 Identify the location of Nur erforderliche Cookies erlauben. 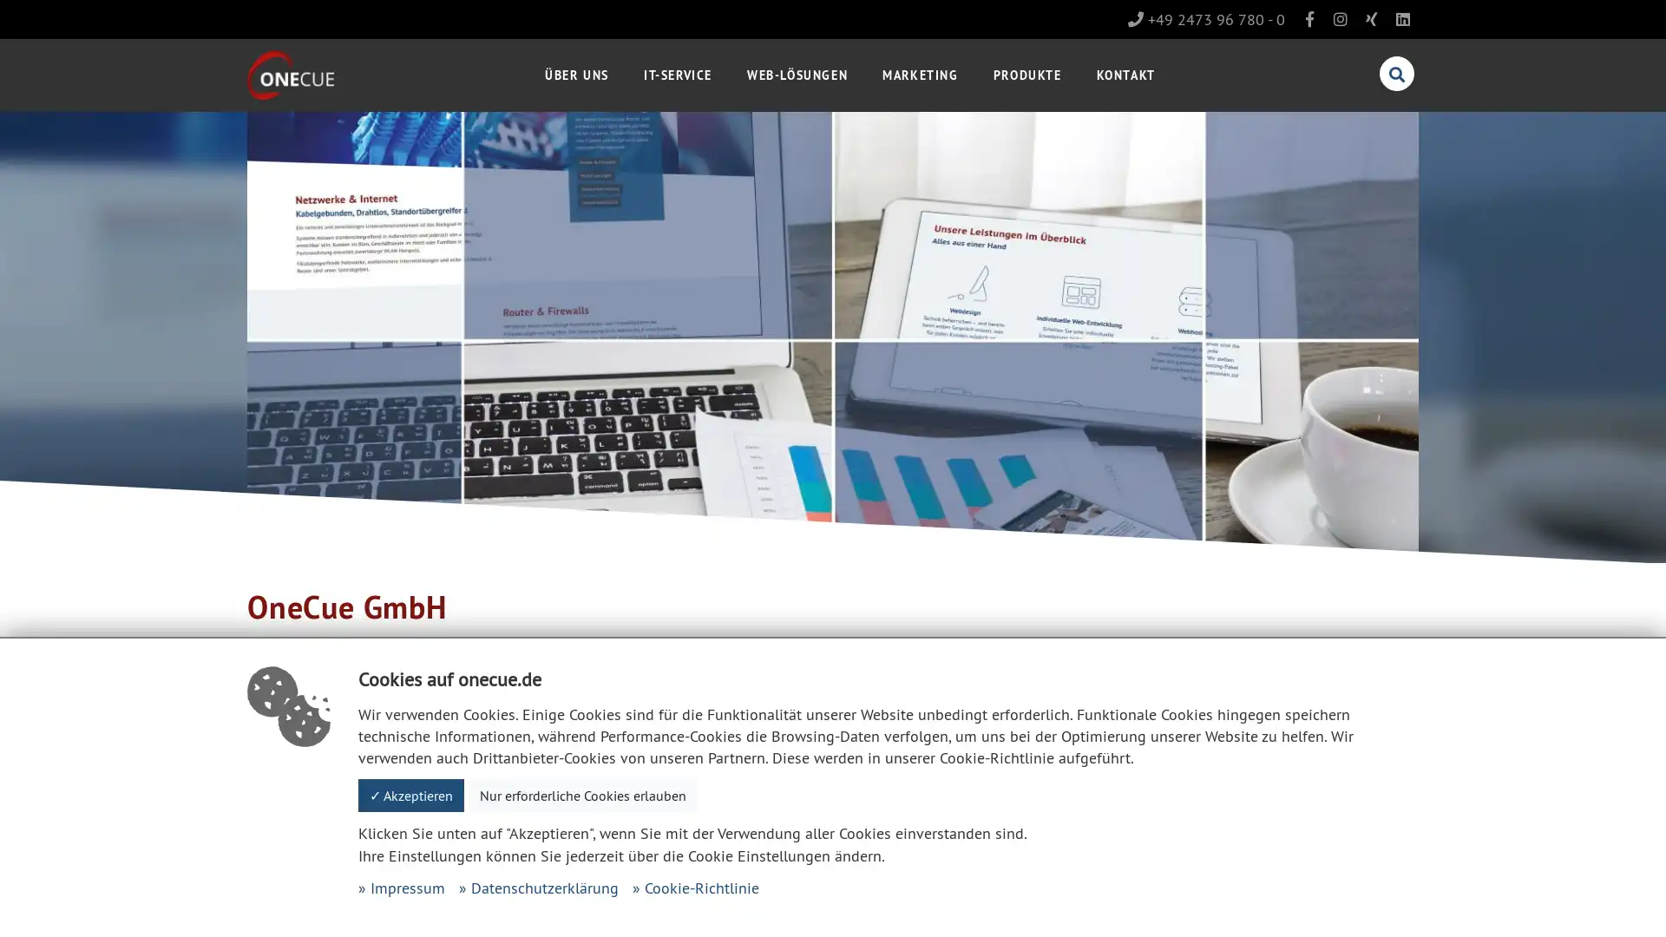
(583, 796).